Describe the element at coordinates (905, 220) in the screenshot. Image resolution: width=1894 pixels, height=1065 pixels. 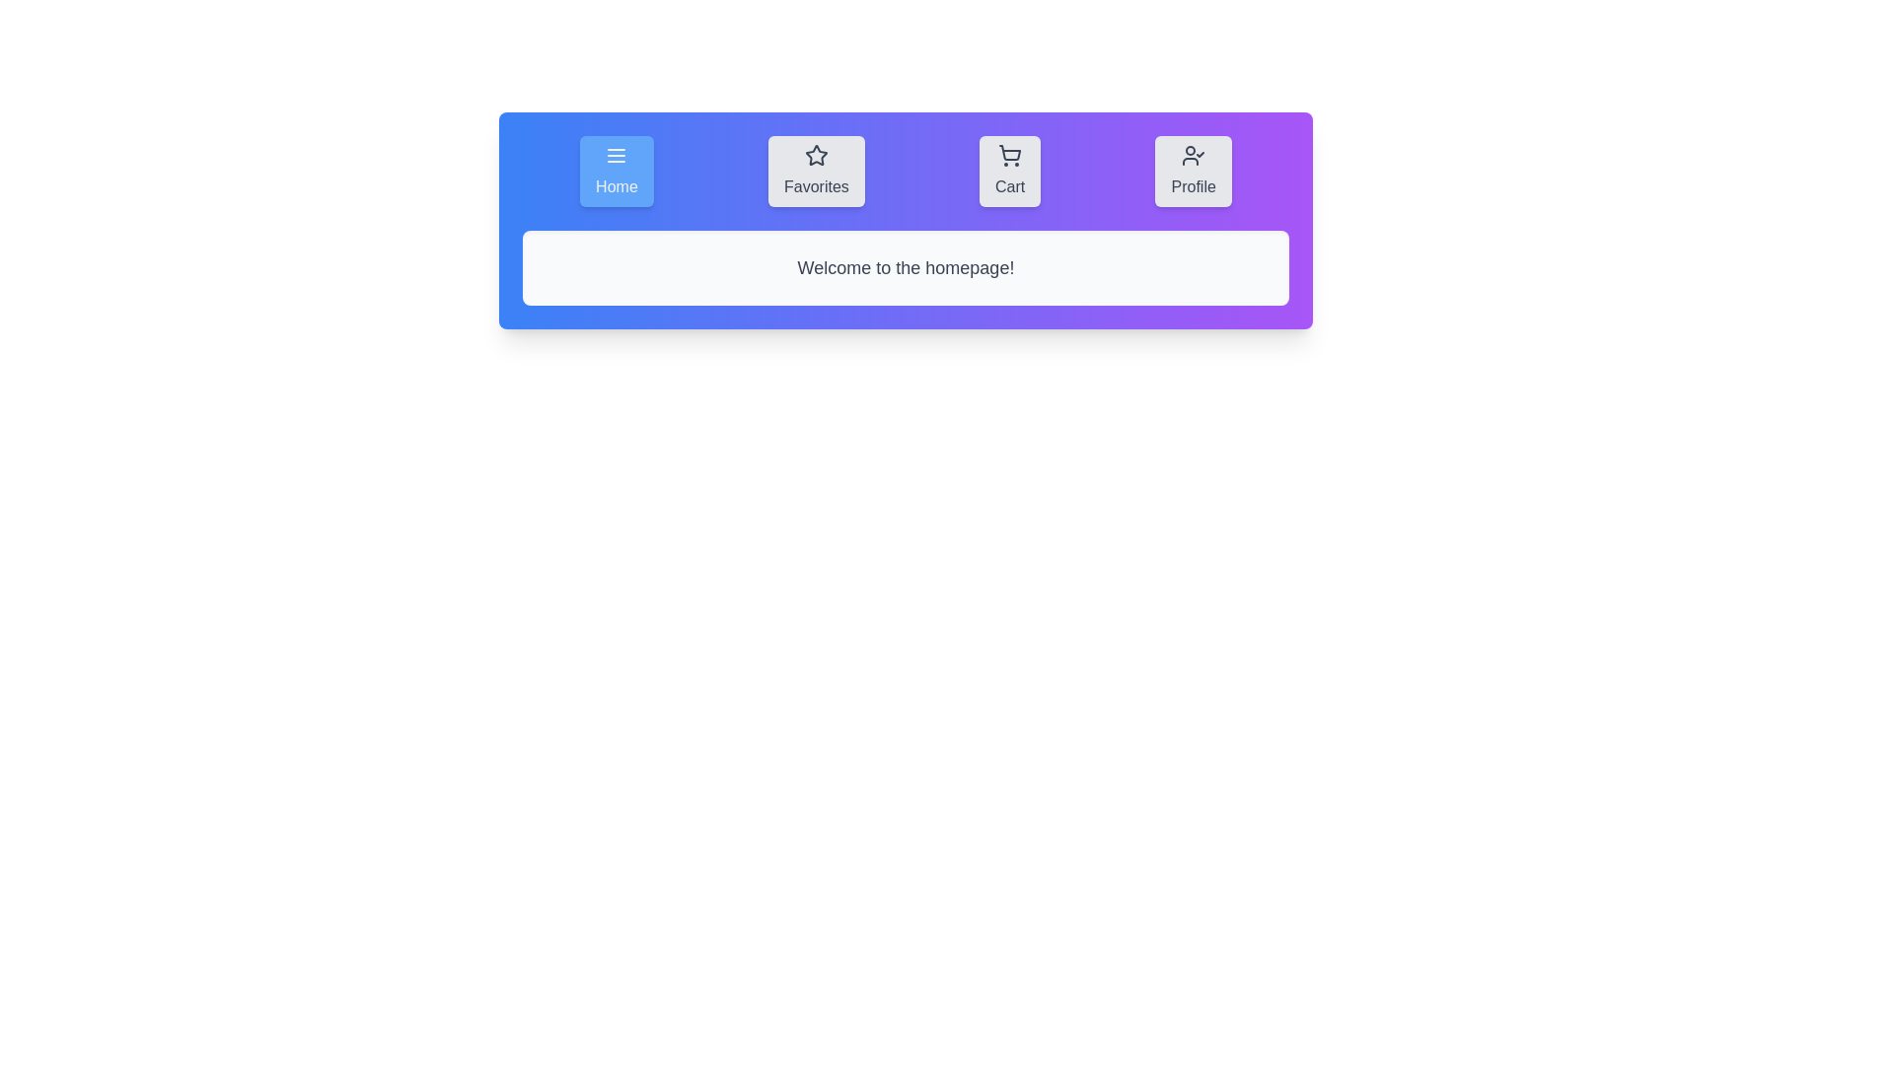
I see `welcome message displayed in the white rectangular area at the center of the composite UI component that contains the navigation bar and text area` at that location.